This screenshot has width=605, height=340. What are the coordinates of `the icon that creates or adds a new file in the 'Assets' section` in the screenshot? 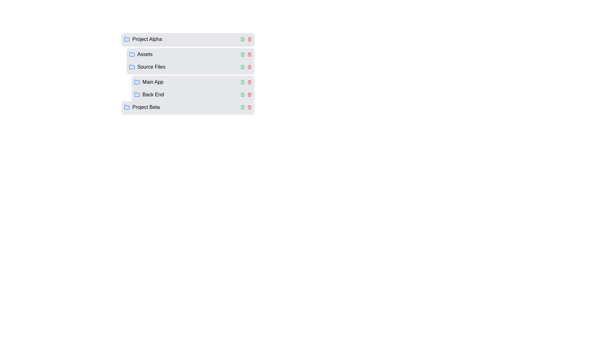 It's located at (242, 54).